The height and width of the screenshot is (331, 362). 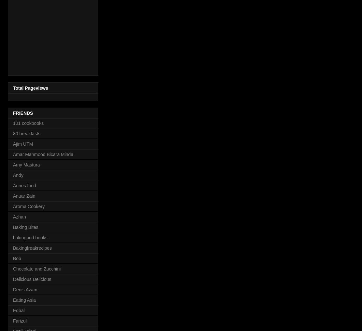 I want to click on 'Total Pageviews', so click(x=30, y=87).